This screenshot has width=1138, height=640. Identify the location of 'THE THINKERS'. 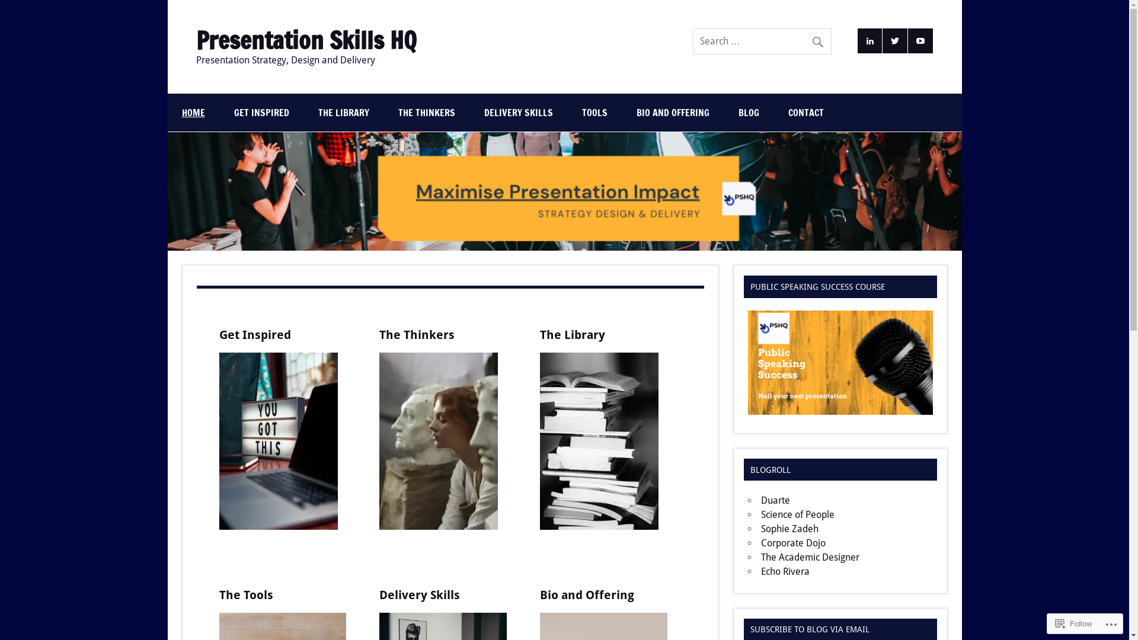
(427, 112).